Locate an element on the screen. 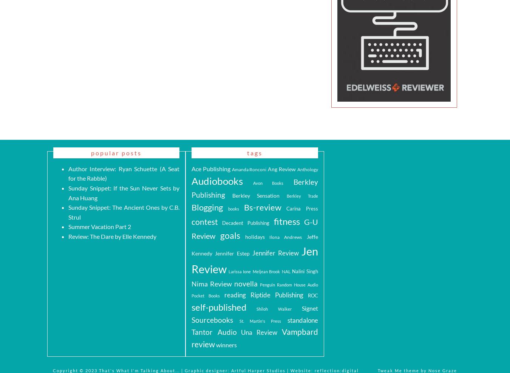  'Berkley Publishing' is located at coordinates (255, 188).